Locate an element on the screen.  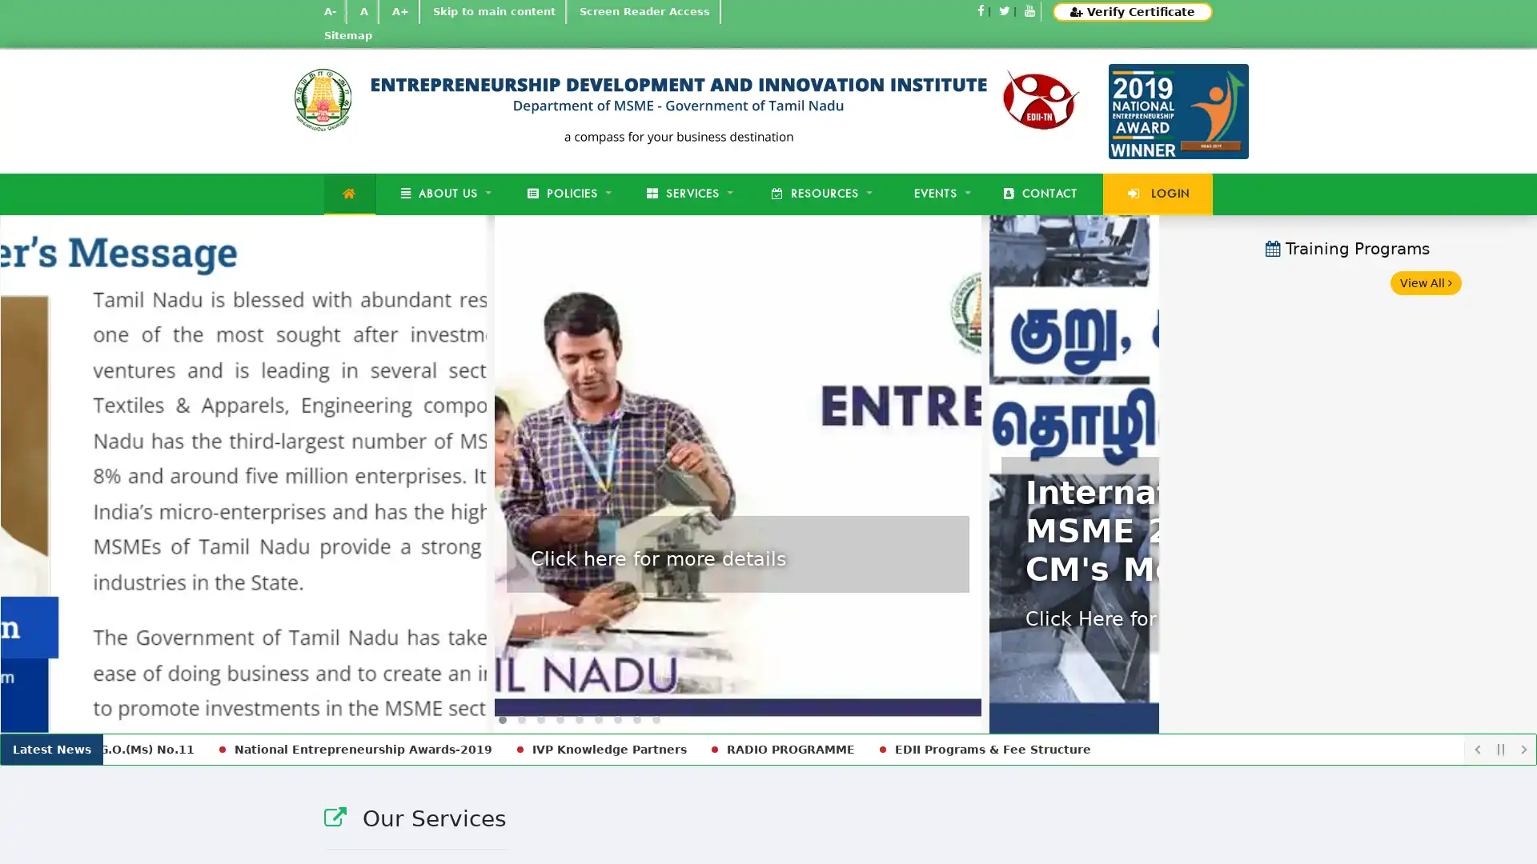
Previous is located at coordinates (31, 457).